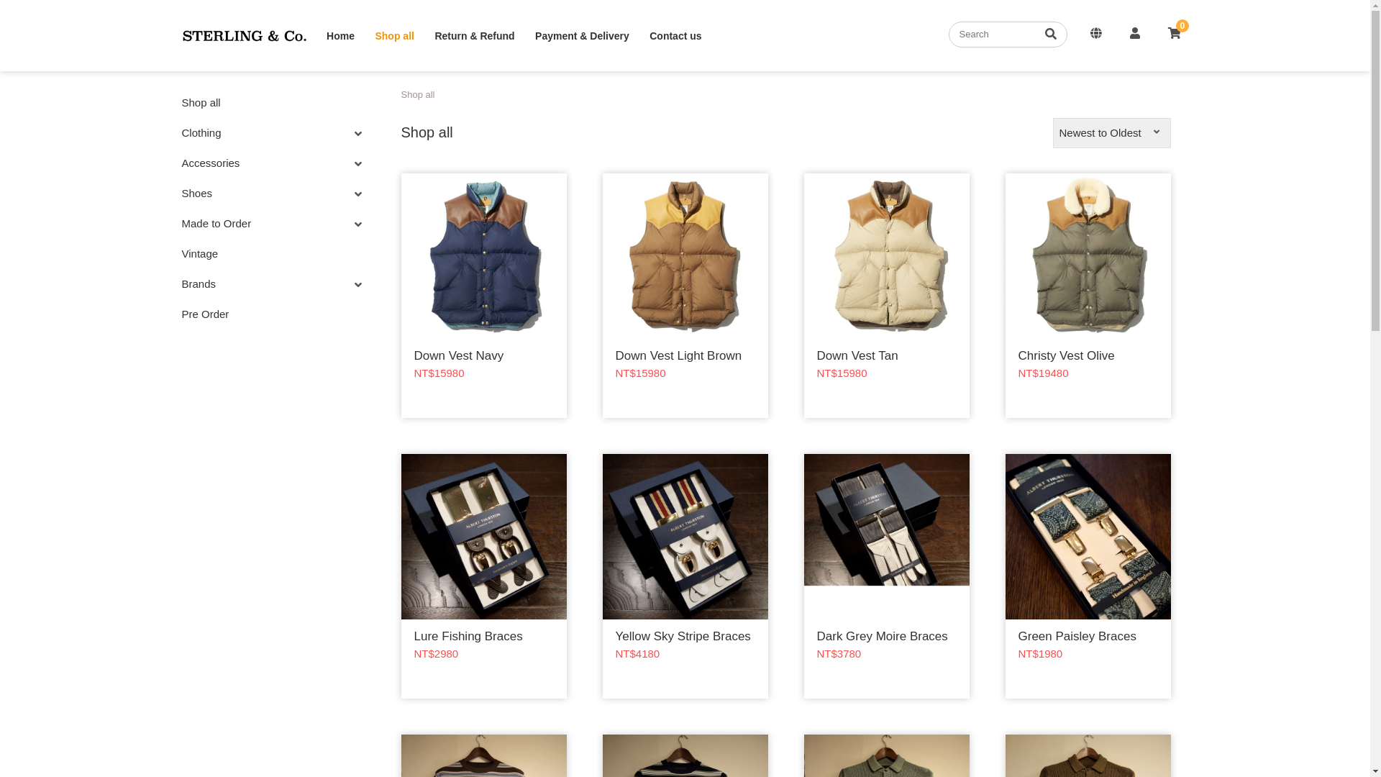 The image size is (1381, 777). What do you see at coordinates (196, 192) in the screenshot?
I see `'Shoes'` at bounding box center [196, 192].